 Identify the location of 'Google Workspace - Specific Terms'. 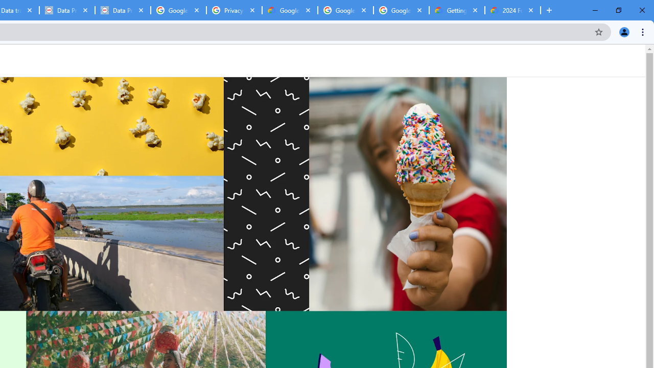
(345, 10).